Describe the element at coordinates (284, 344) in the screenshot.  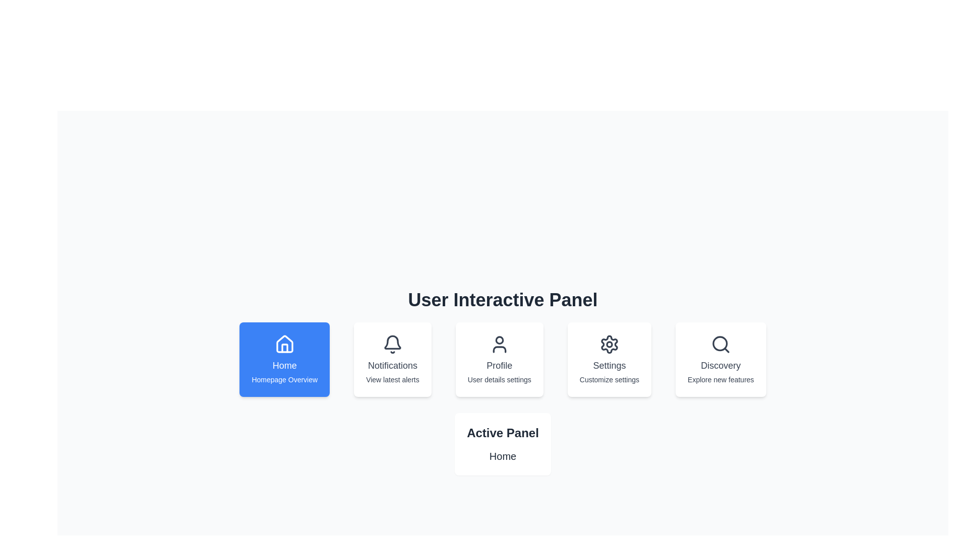
I see `the 'Home' icon (SVG) located centrally within the 'Home' card in the User Interactive Panel` at that location.